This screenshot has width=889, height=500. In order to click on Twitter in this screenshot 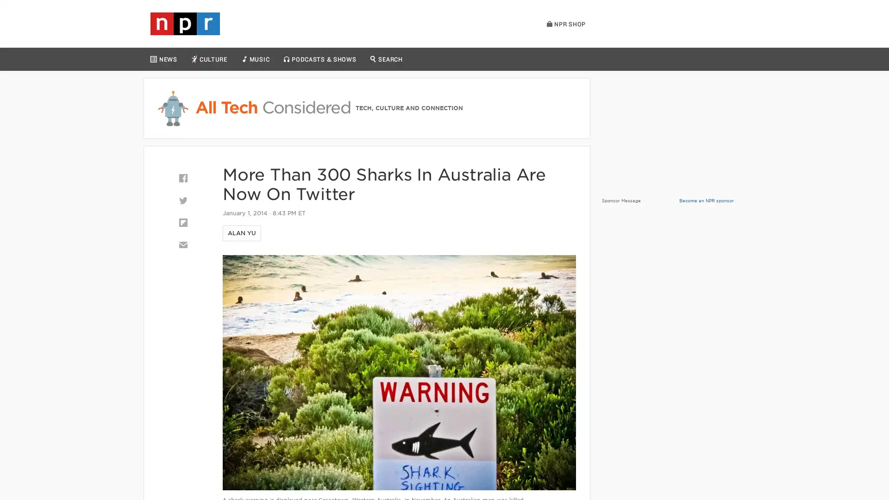, I will do `click(182, 200)`.